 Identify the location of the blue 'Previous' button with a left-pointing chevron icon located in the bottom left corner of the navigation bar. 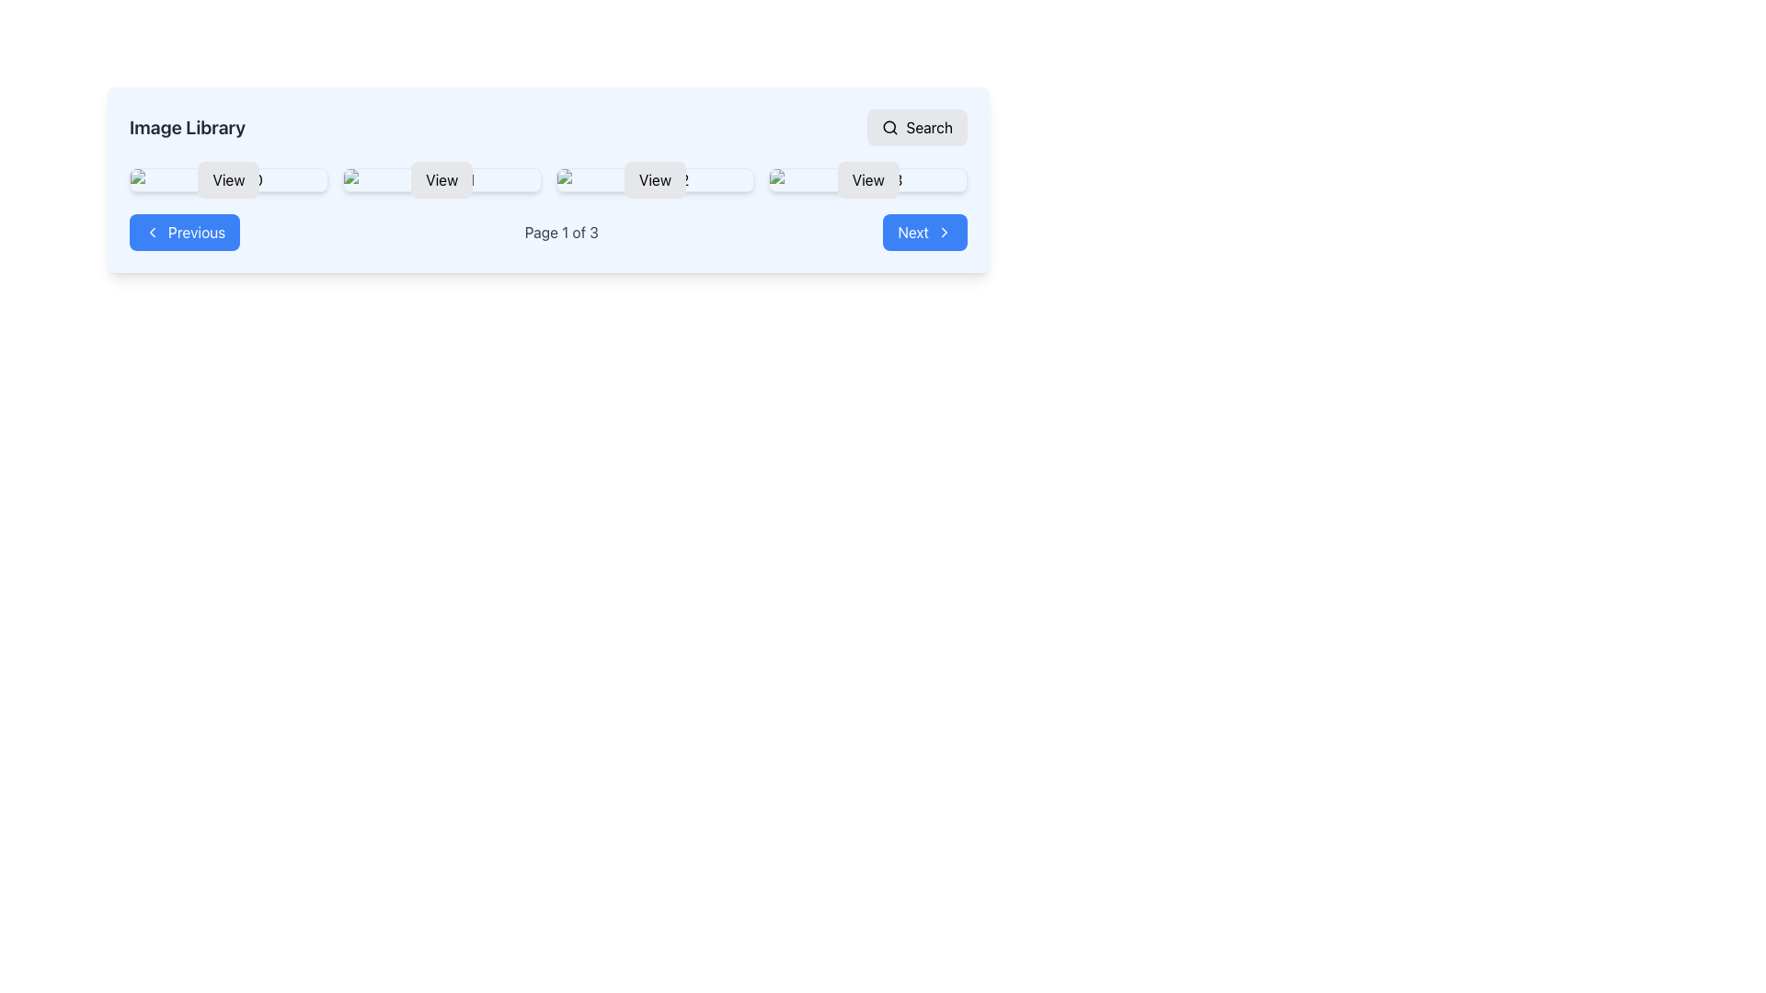
(185, 232).